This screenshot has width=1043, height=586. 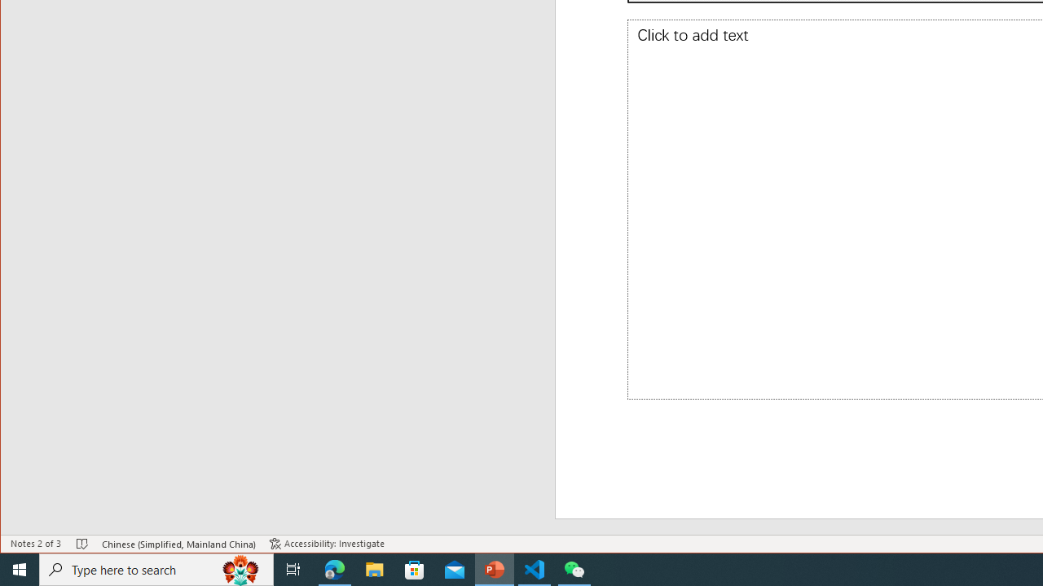 I want to click on 'WeChat - 1 running window', so click(x=574, y=568).